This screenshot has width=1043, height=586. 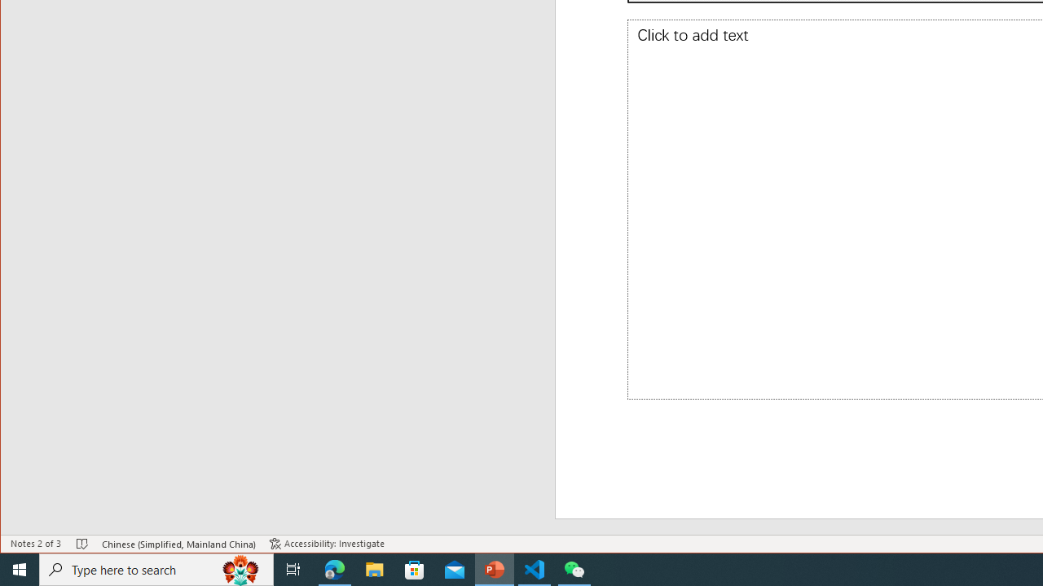 I want to click on 'WeChat - 1 running window', so click(x=574, y=568).